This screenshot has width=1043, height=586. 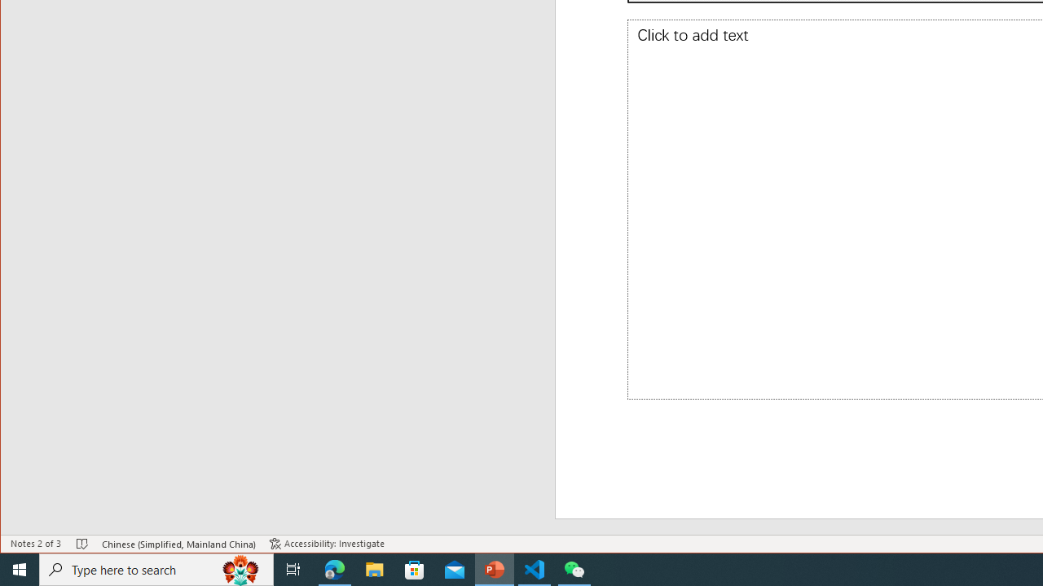 I want to click on 'WeChat - 1 running window', so click(x=574, y=568).